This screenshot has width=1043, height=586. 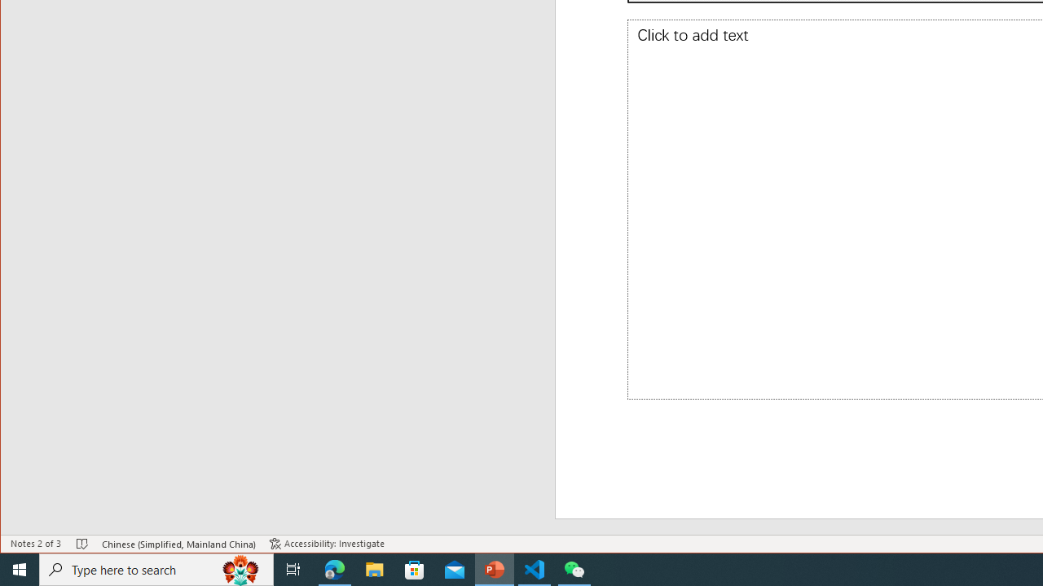 I want to click on 'WeChat - 1 running window', so click(x=574, y=568).